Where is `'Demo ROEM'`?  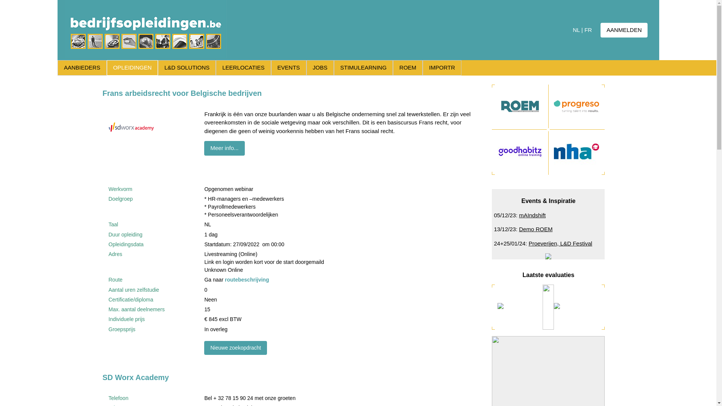
'Demo ROEM' is located at coordinates (535, 229).